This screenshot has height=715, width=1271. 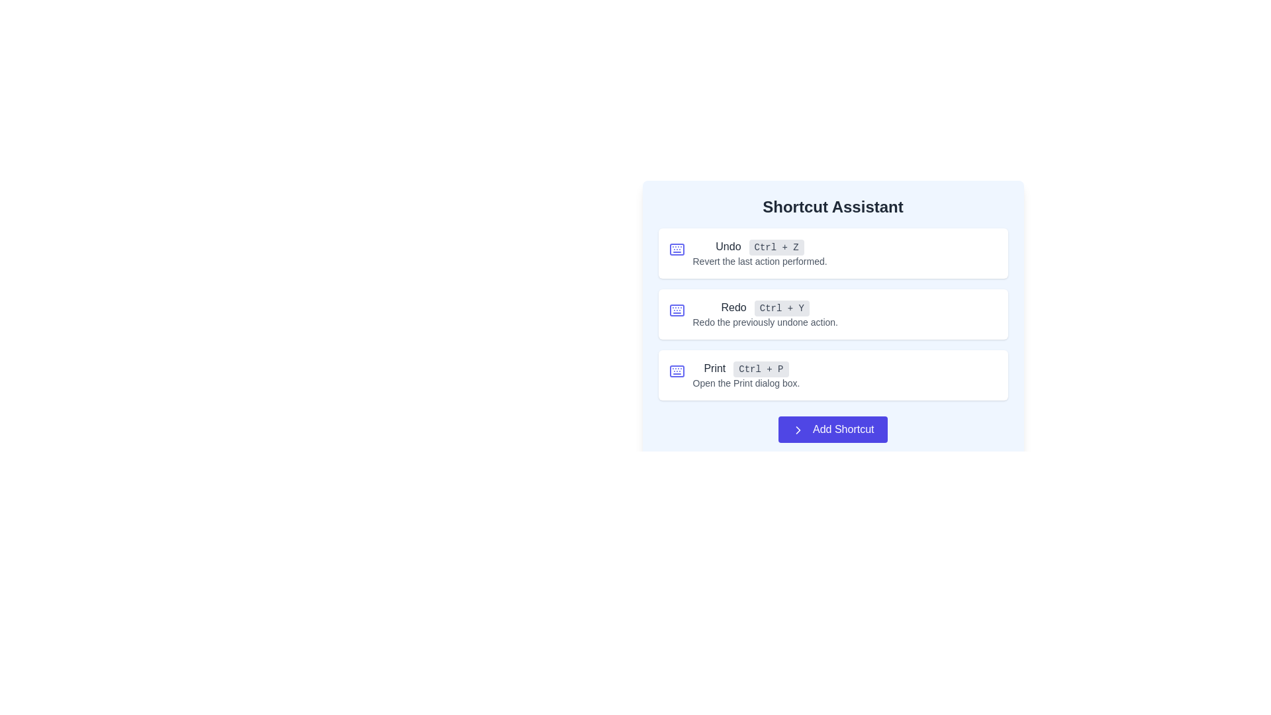 What do you see at coordinates (759, 261) in the screenshot?
I see `the text label that provides context for the 'Undo Ctrl + Z' functionality in the 'Shortcut Assistant' dialog interface` at bounding box center [759, 261].